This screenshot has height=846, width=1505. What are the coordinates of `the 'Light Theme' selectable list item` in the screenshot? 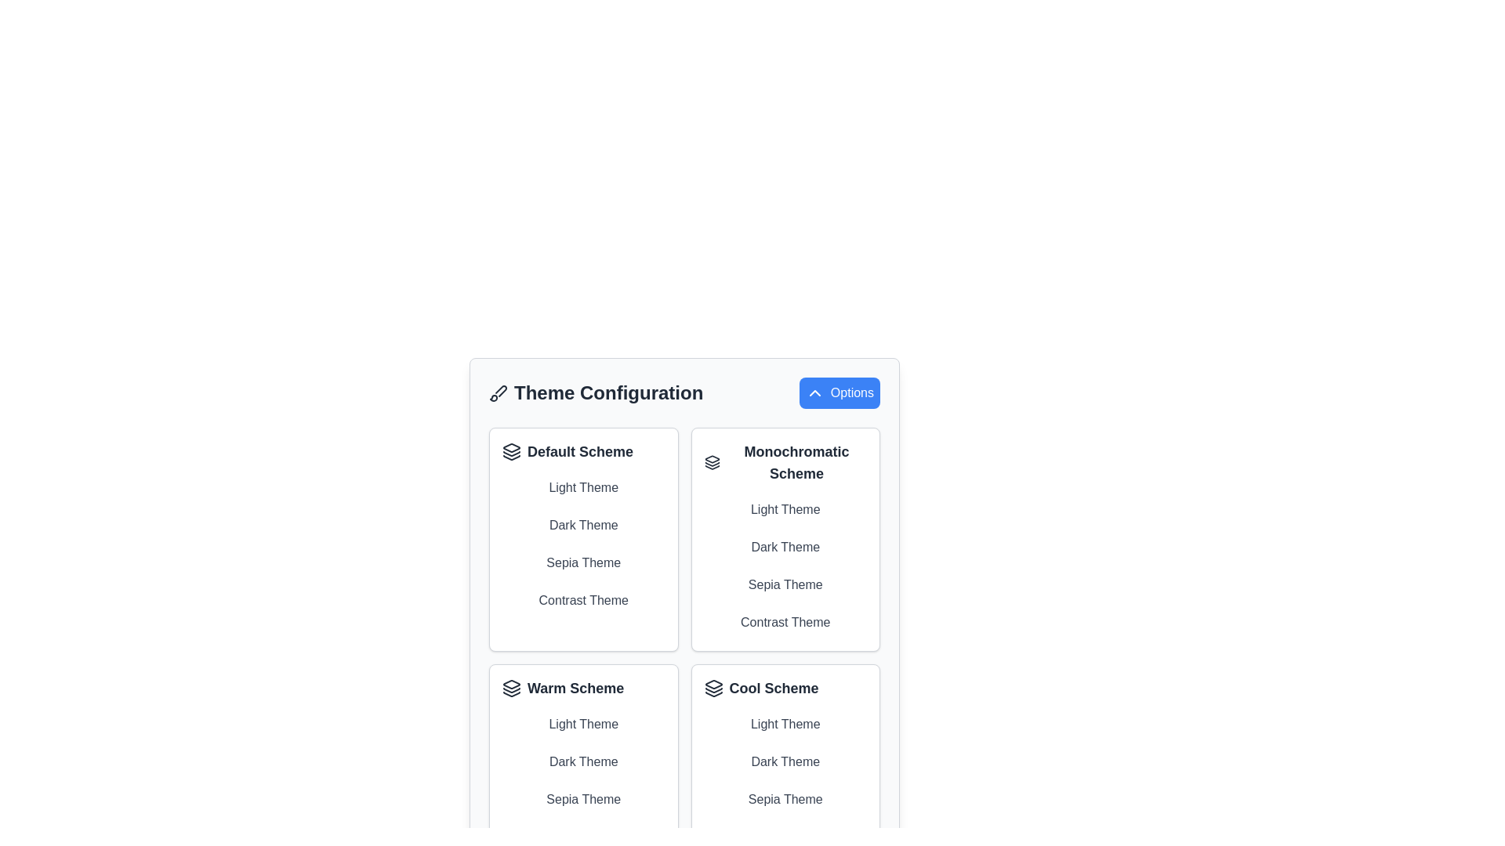 It's located at (785, 510).